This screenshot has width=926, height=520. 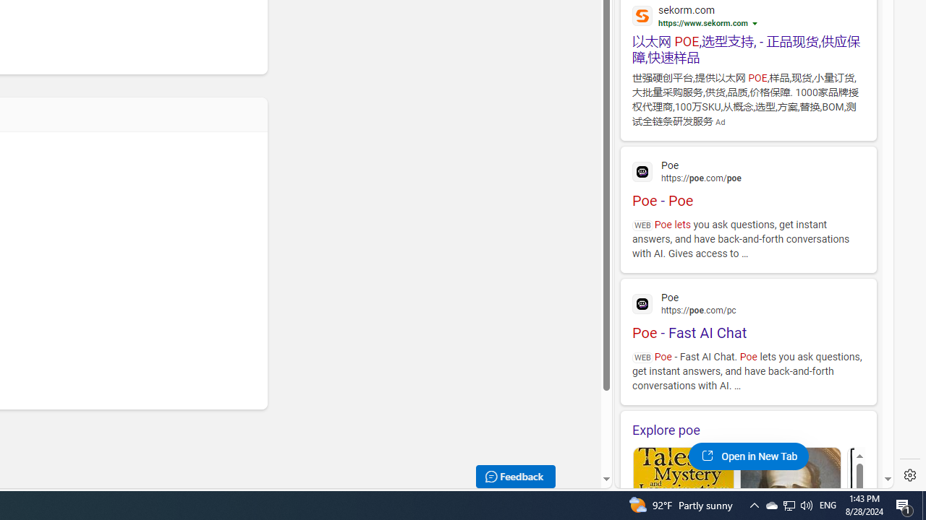 I want to click on 'Poe', so click(x=748, y=302).